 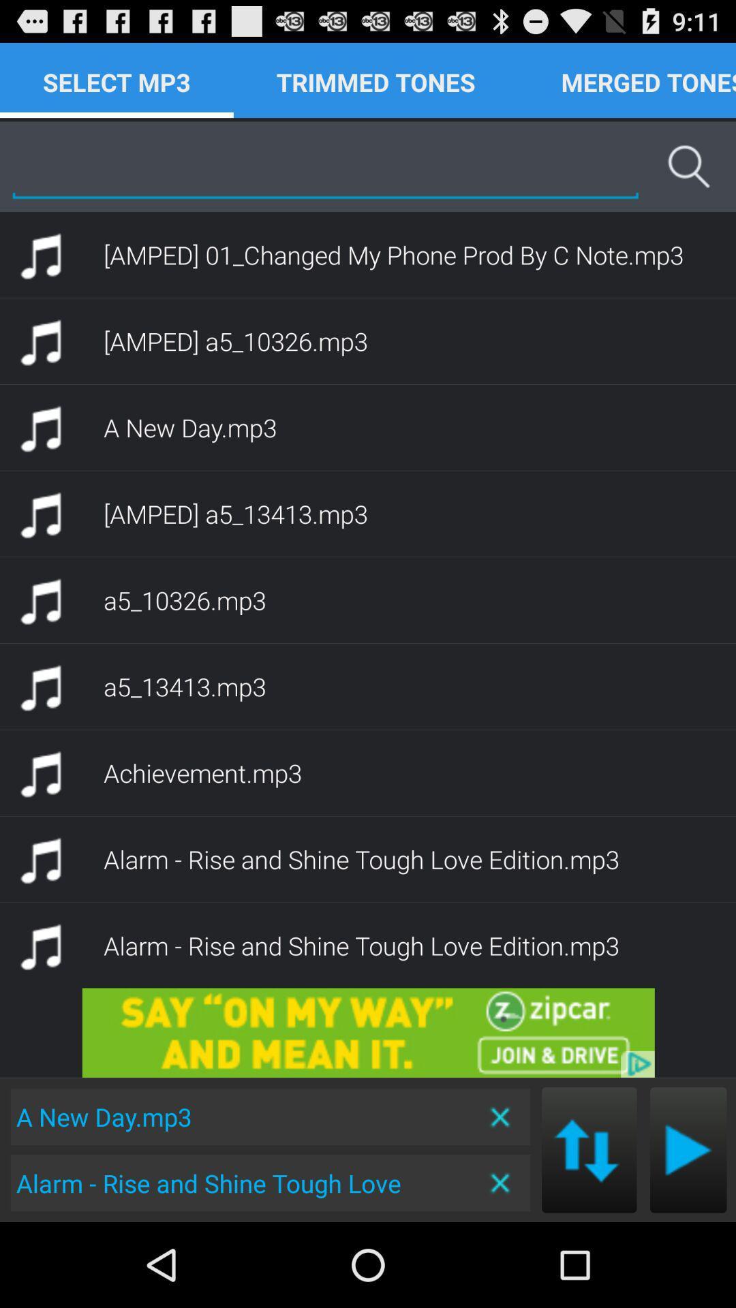 I want to click on advertisement, so click(x=368, y=1033).